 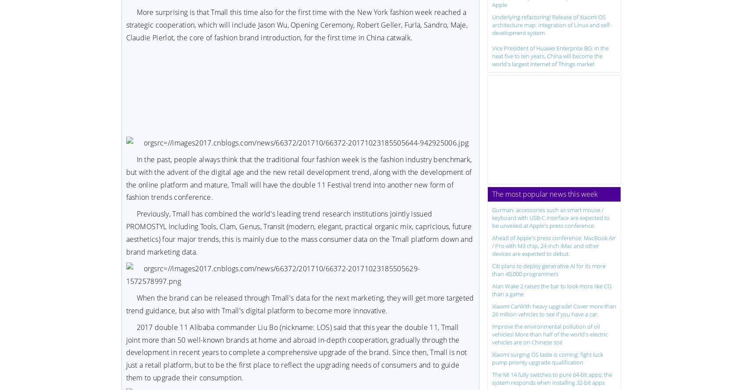 I want to click on 'The most popular news this week', so click(x=545, y=194).